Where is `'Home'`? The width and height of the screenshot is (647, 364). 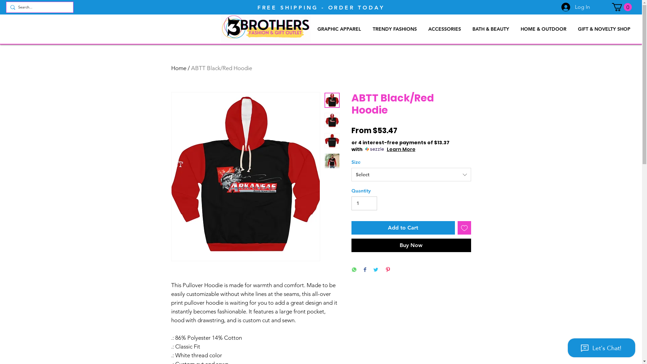
'Home' is located at coordinates (179, 68).